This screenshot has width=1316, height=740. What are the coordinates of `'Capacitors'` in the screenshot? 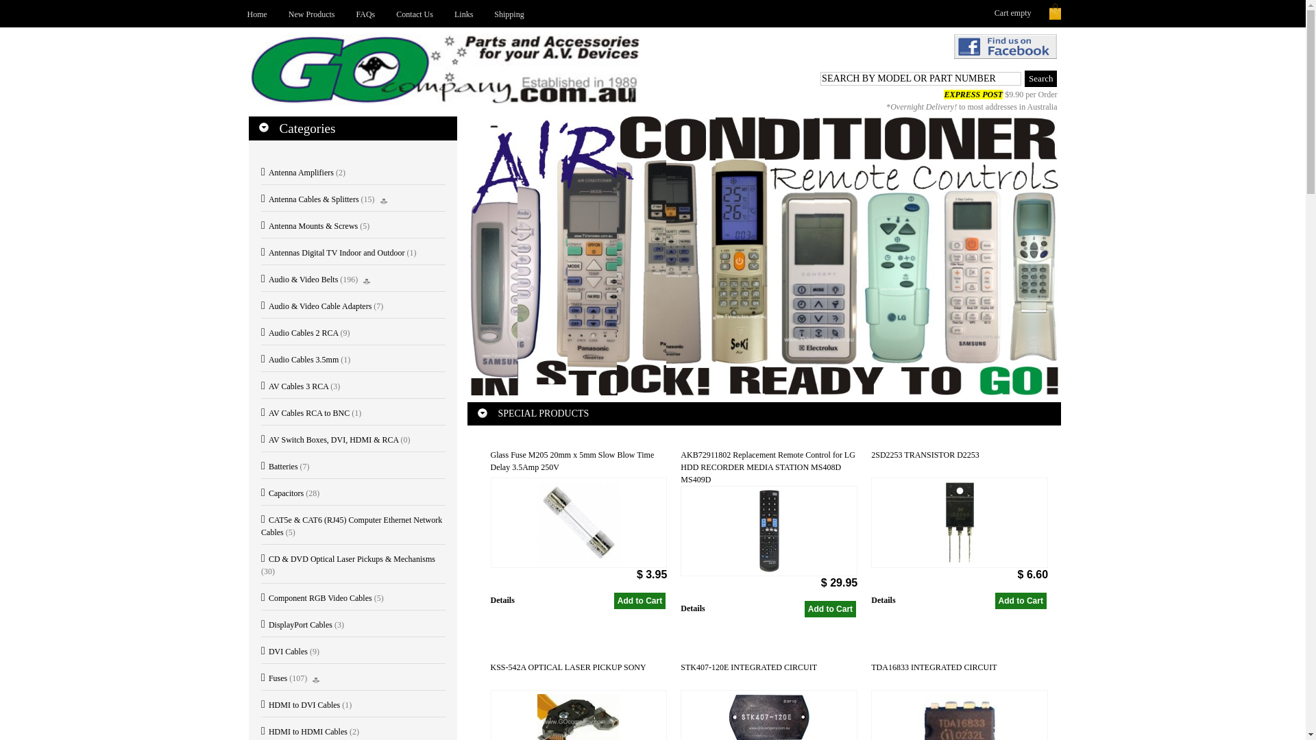 It's located at (282, 493).